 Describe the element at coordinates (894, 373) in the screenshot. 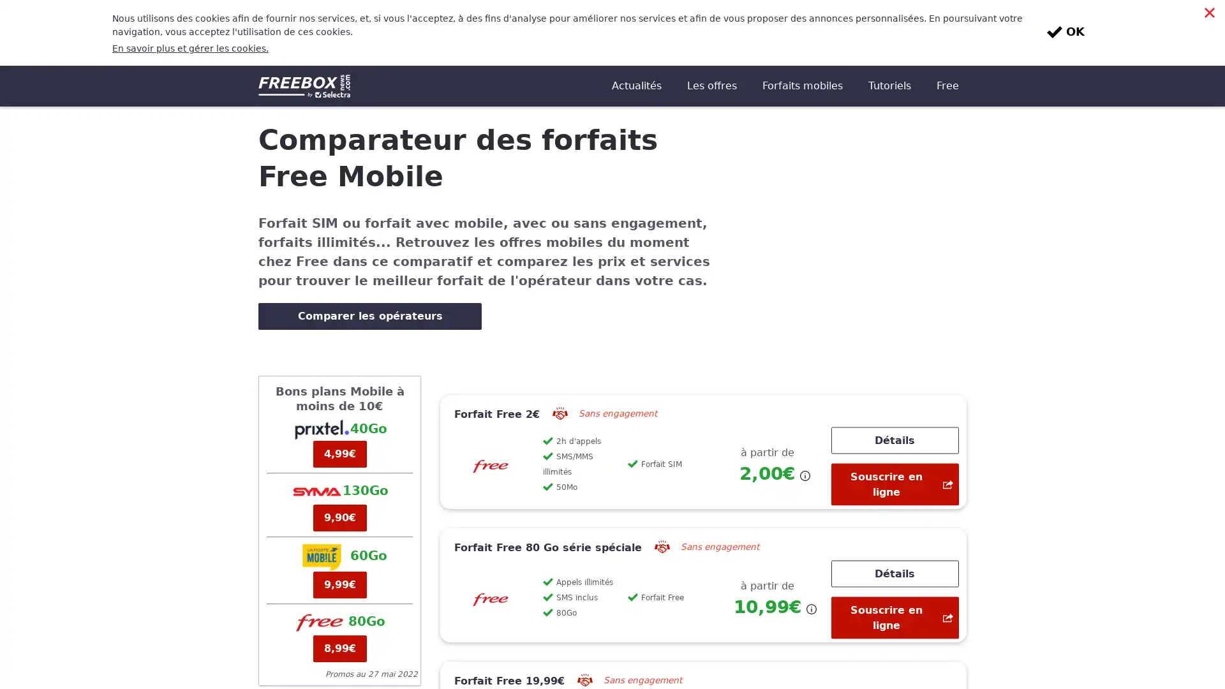

I see `Details` at that location.